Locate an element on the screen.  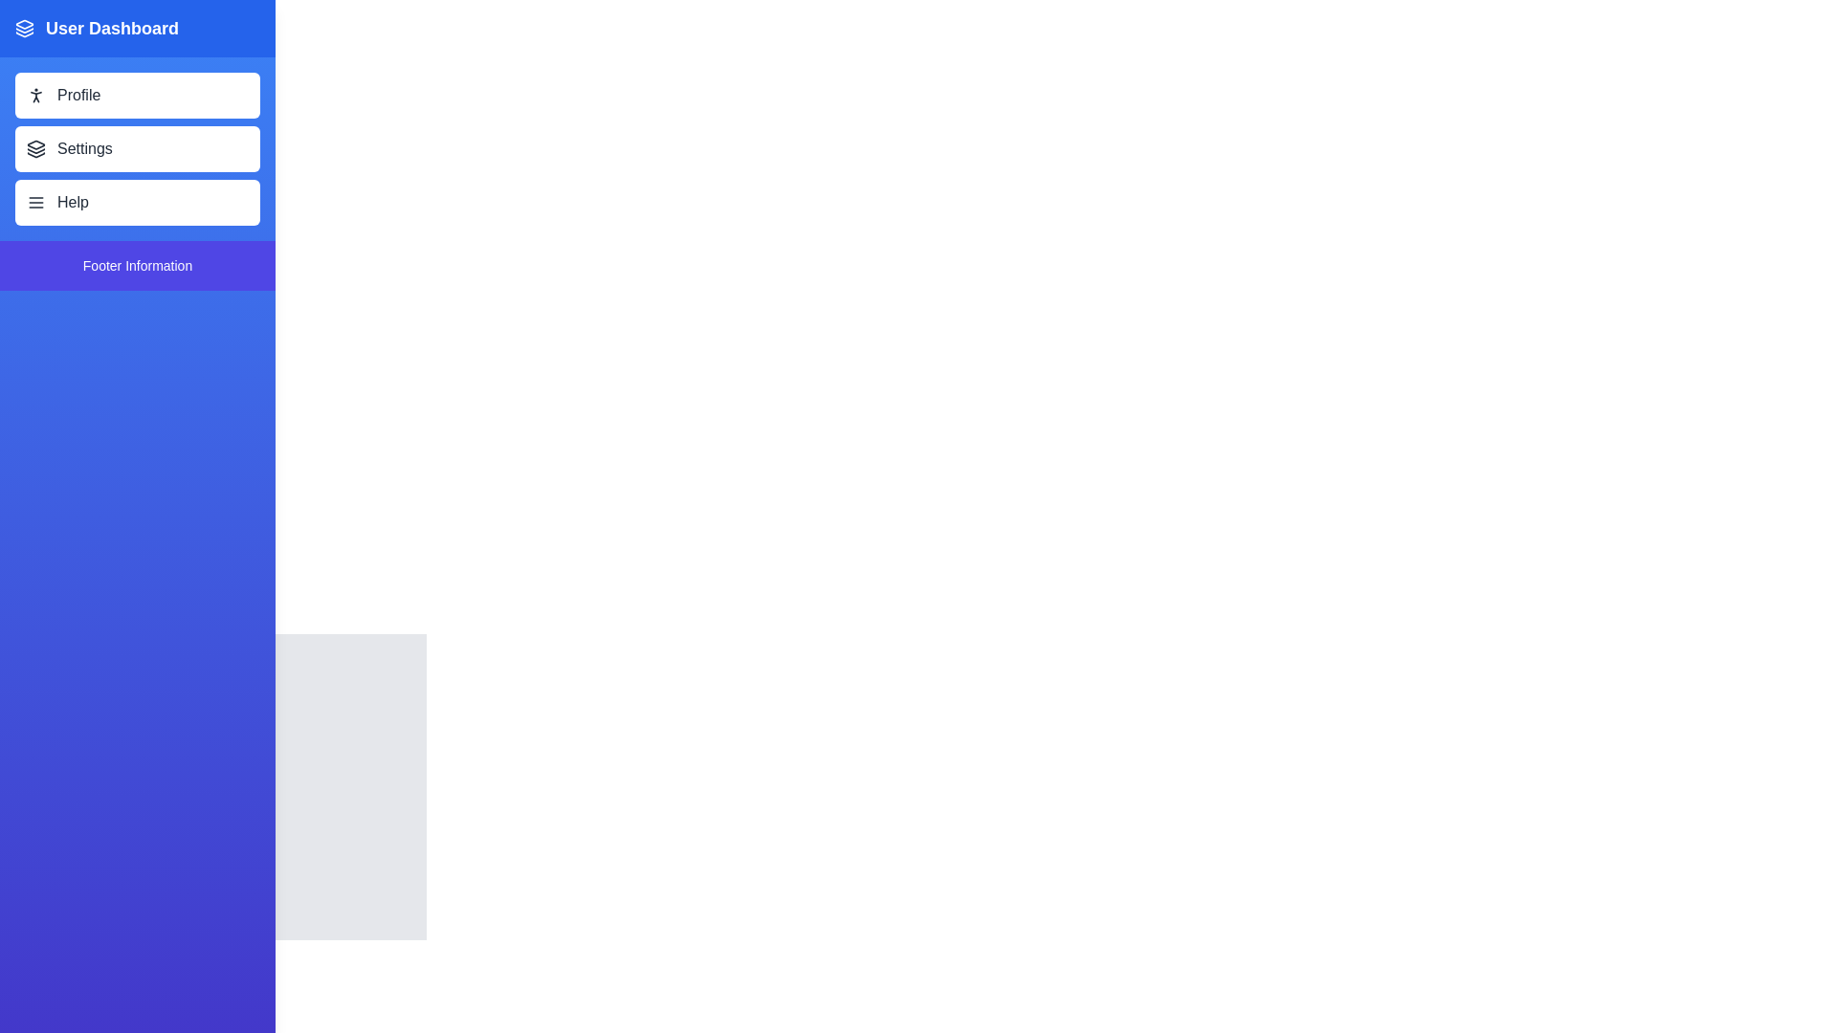
the graphical icon that signifies a metaphorical 'layer' or 'stack', located between two similar components in a vertical arrangement is located at coordinates (24, 31).